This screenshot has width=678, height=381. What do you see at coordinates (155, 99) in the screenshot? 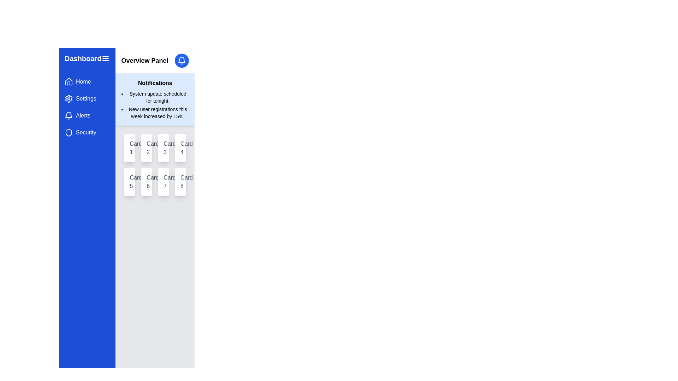
I see `notifications displayed on the Informational card located in the Overview Panel, positioned below the panel's header and a bell icon` at bounding box center [155, 99].